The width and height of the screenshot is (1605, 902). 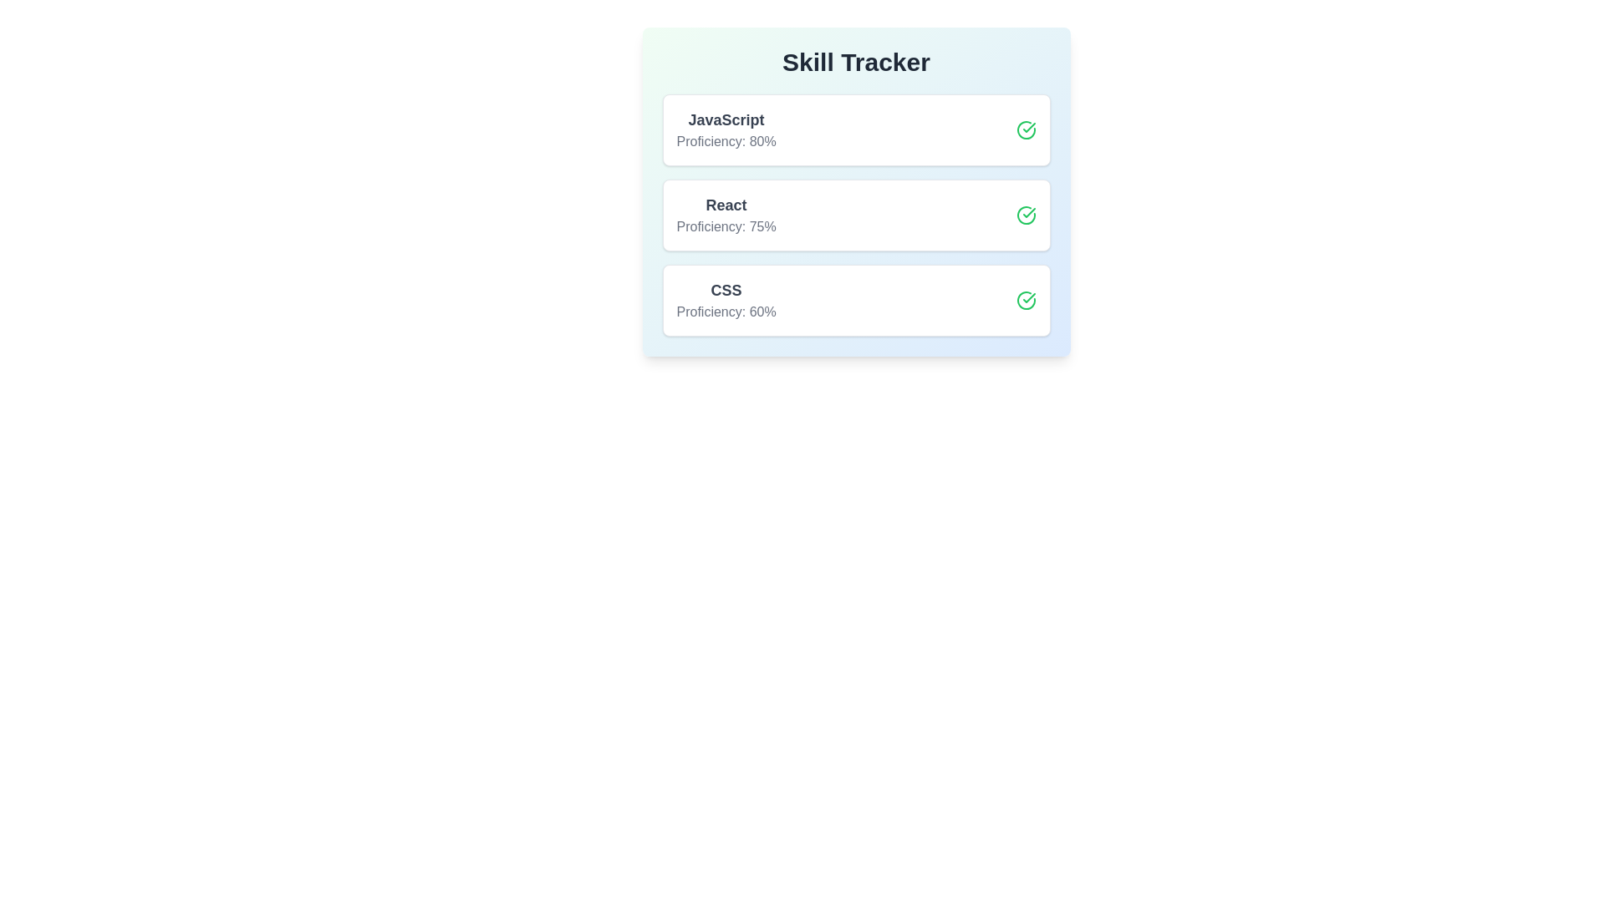 What do you see at coordinates (1025, 299) in the screenshot?
I see `toggle button for the skill CSS to enhance or reduce its proficiency` at bounding box center [1025, 299].